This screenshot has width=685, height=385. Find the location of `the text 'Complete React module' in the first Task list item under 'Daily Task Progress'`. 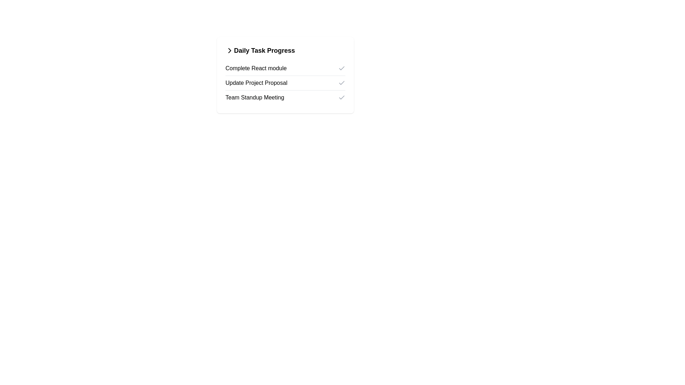

the text 'Complete React module' in the first Task list item under 'Daily Task Progress' is located at coordinates (285, 68).